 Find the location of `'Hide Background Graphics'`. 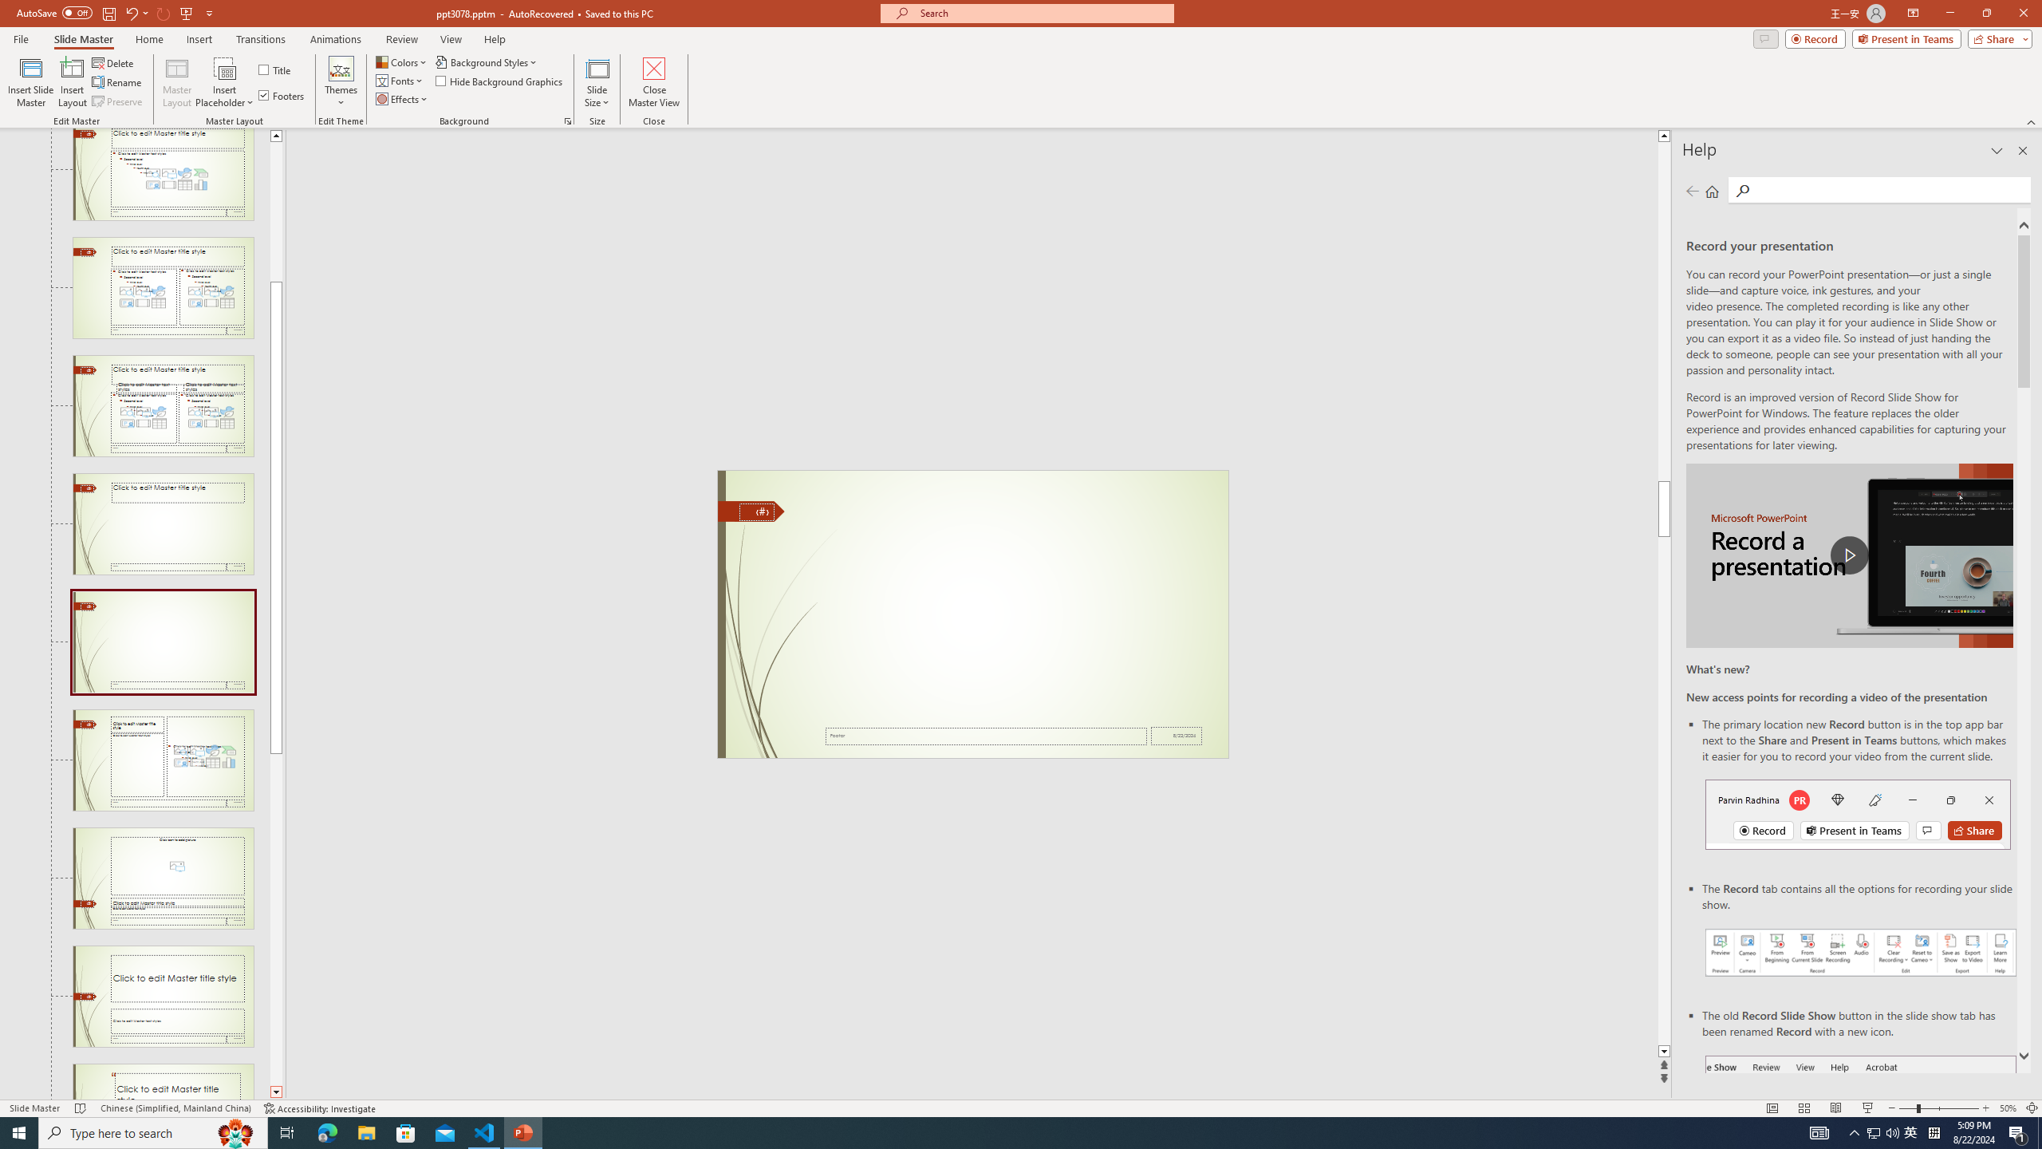

'Hide Background Graphics' is located at coordinates (500, 79).